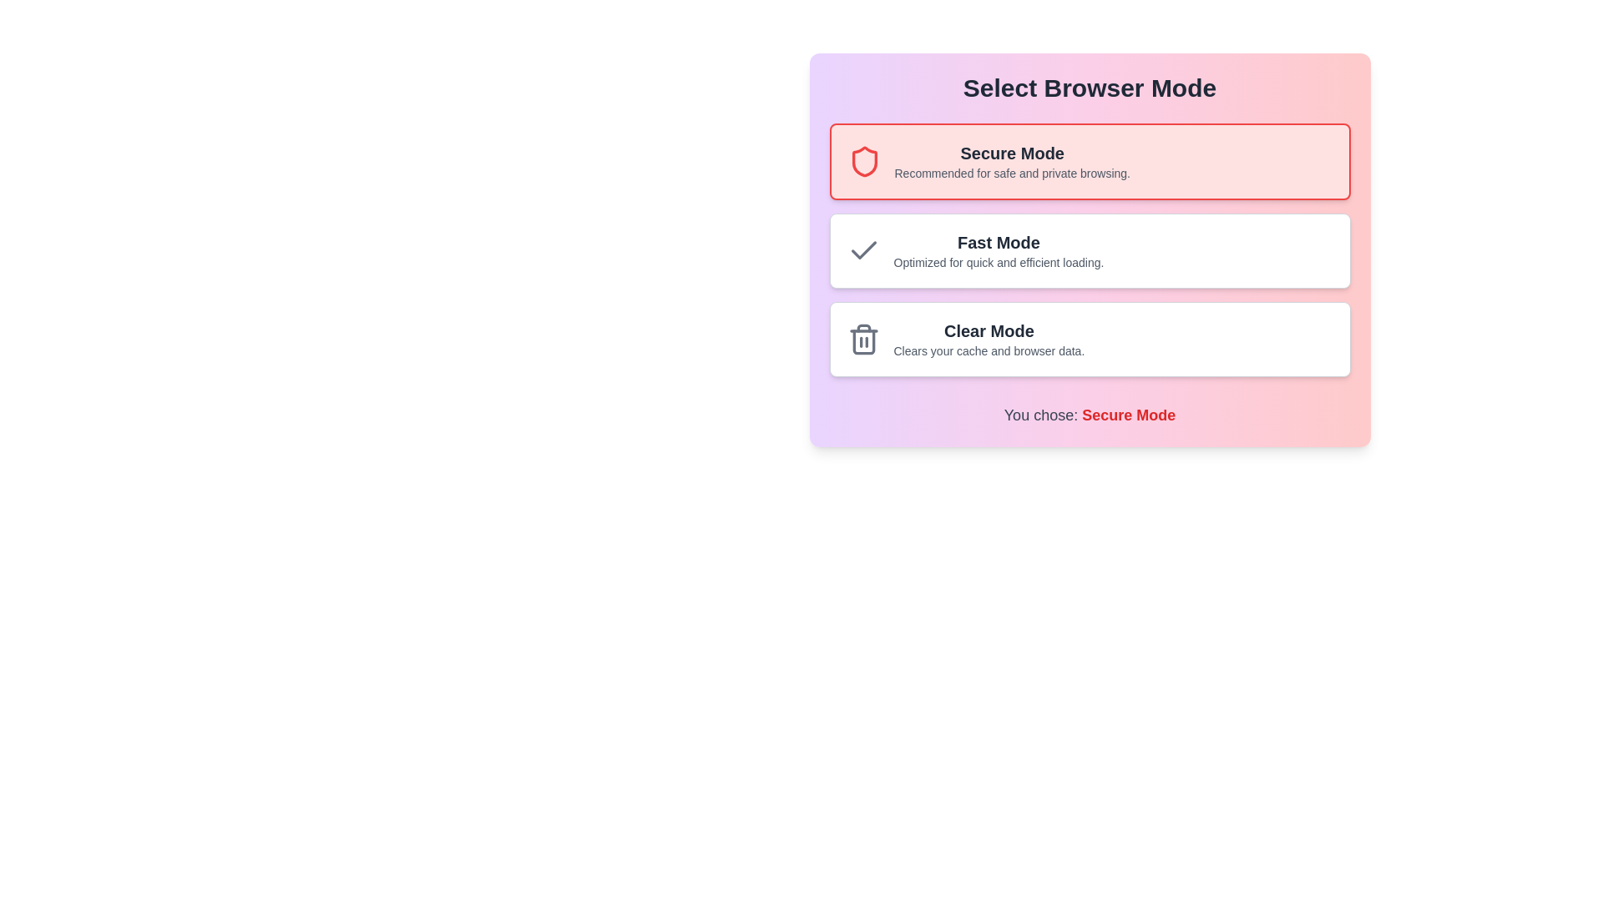 Image resolution: width=1603 pixels, height=901 pixels. I want to click on the 'Secure Mode' text label, which serves as the title for the selection option, providing clarity on its purpose, so click(1011, 154).